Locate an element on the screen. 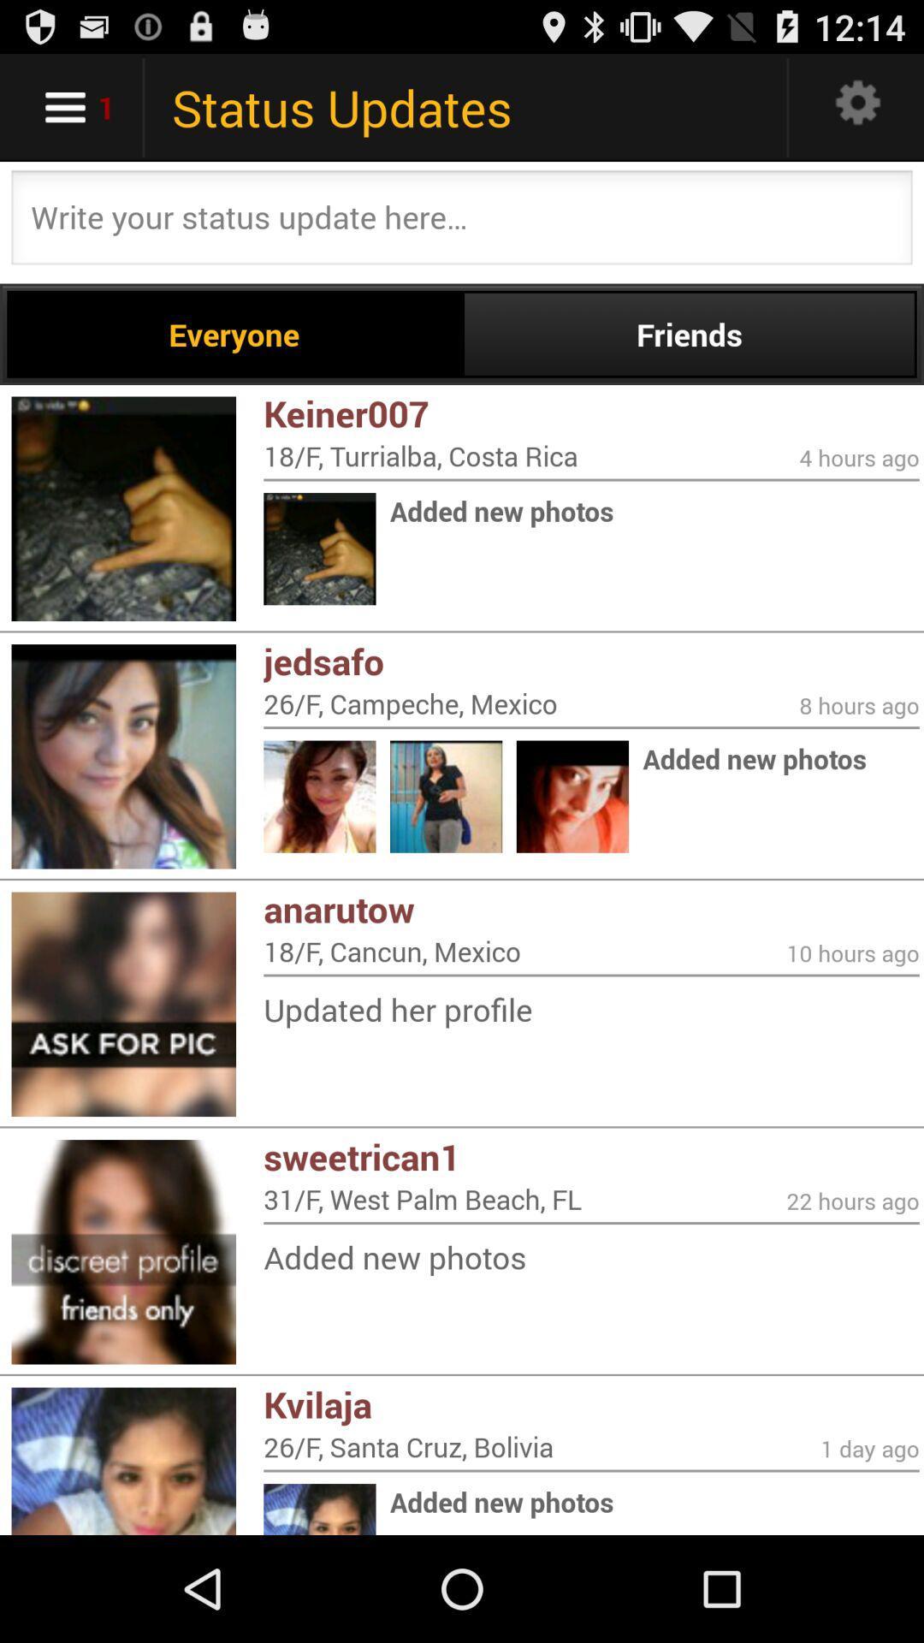 The width and height of the screenshot is (924, 1643). setting bar is located at coordinates (858, 106).